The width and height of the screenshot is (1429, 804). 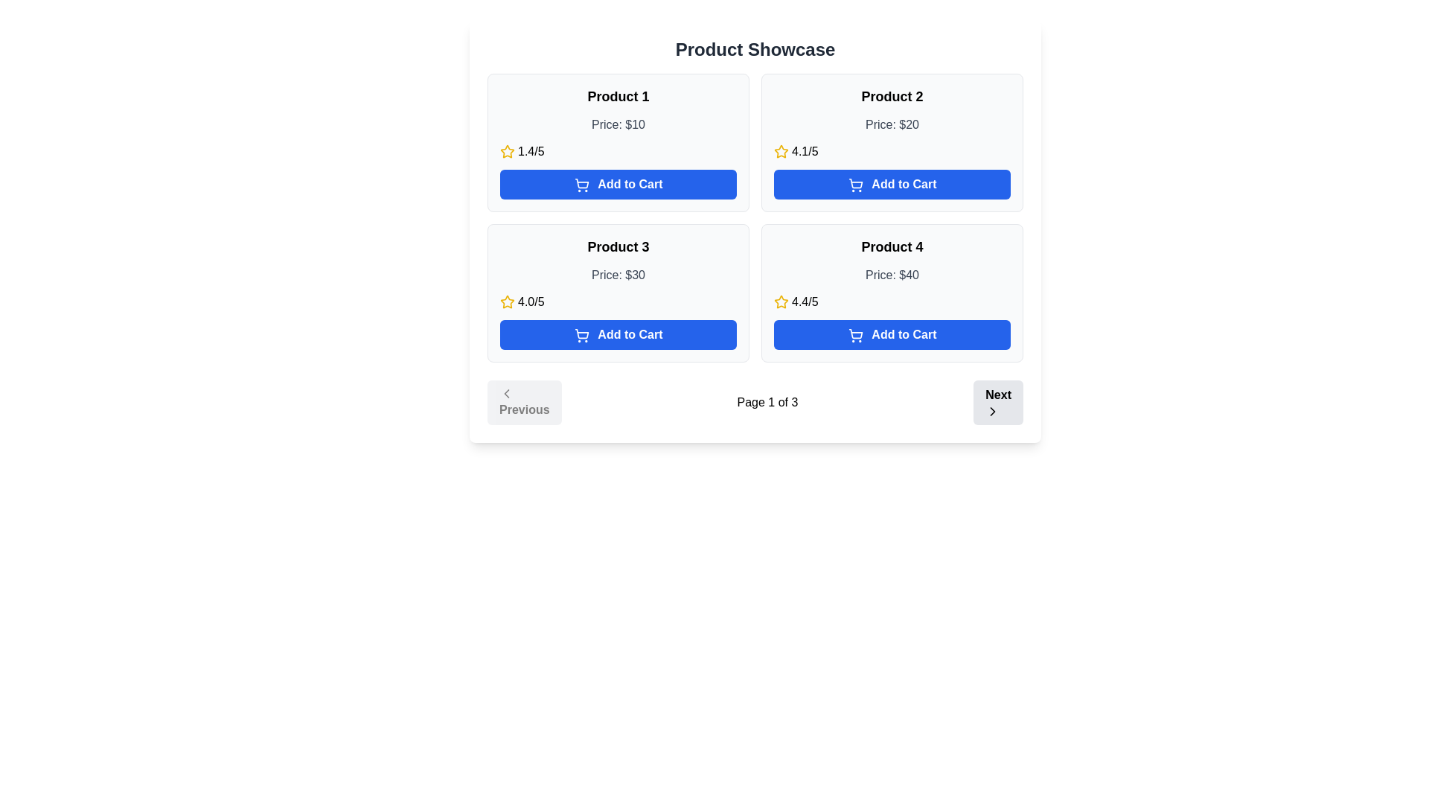 What do you see at coordinates (524, 402) in the screenshot?
I see `the 'Previous' button located at the bottom left of the navigation bar` at bounding box center [524, 402].